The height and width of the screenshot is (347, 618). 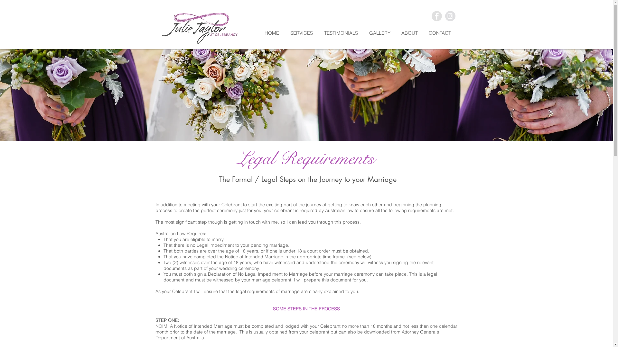 I want to click on 'SERVICES', so click(x=304, y=33).